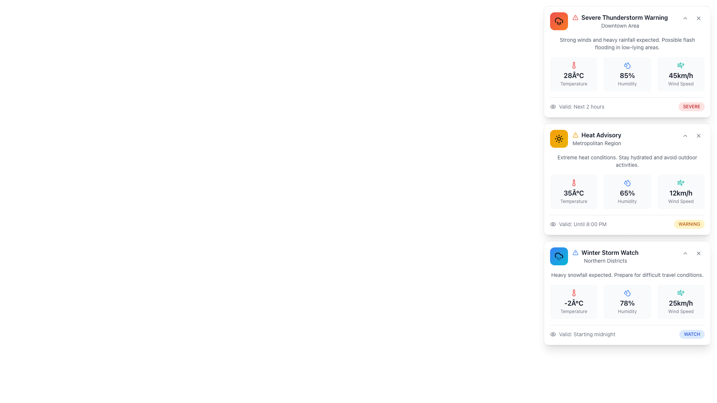  Describe the element at coordinates (627, 193) in the screenshot. I see `the Text label indicating the current humidity level within the second weather alert card titled 'Heat Advisory'` at that location.